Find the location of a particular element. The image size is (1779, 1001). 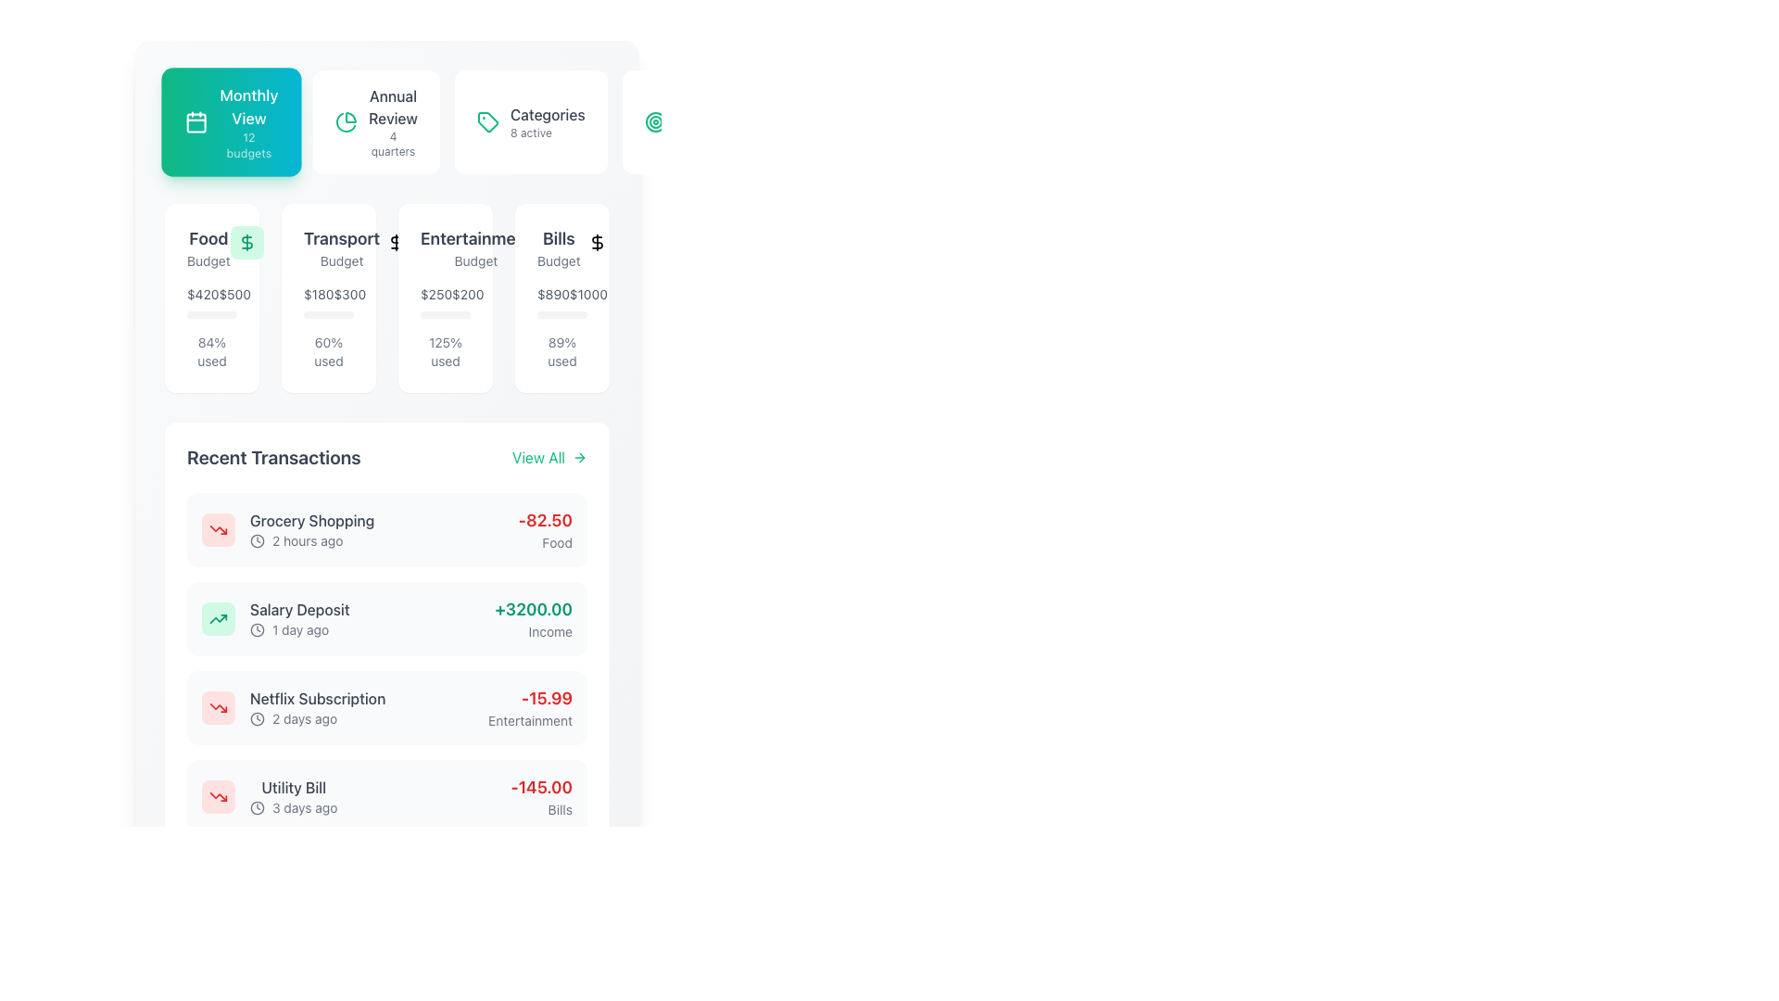

the informational Text label that displays the number of active categories, located below the 'Categories' heading is located at coordinates (530, 132).